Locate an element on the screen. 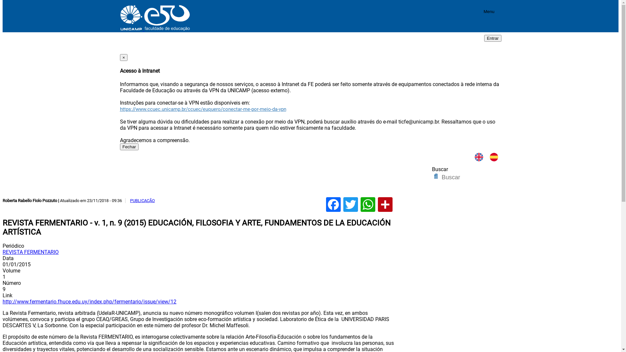 The width and height of the screenshot is (626, 352). 'Share' is located at coordinates (385, 204).